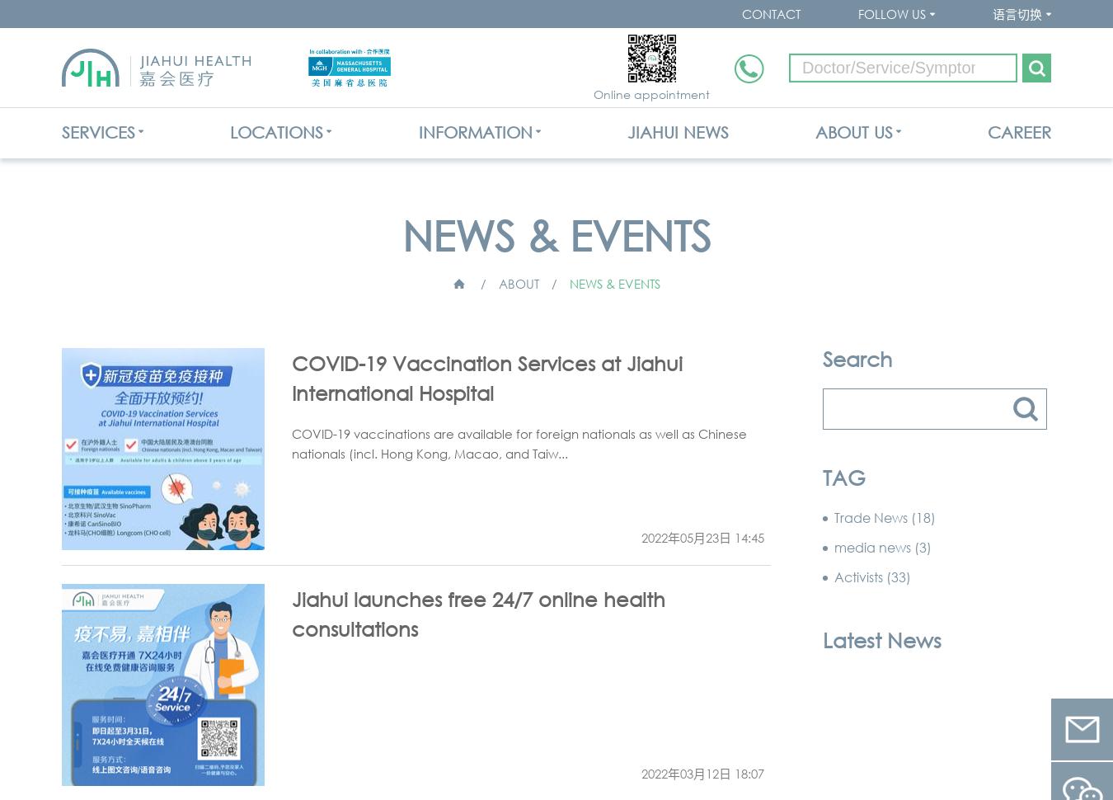 The height and width of the screenshot is (800, 1113). I want to click on 'JIAHUI NEWS', so click(678, 131).